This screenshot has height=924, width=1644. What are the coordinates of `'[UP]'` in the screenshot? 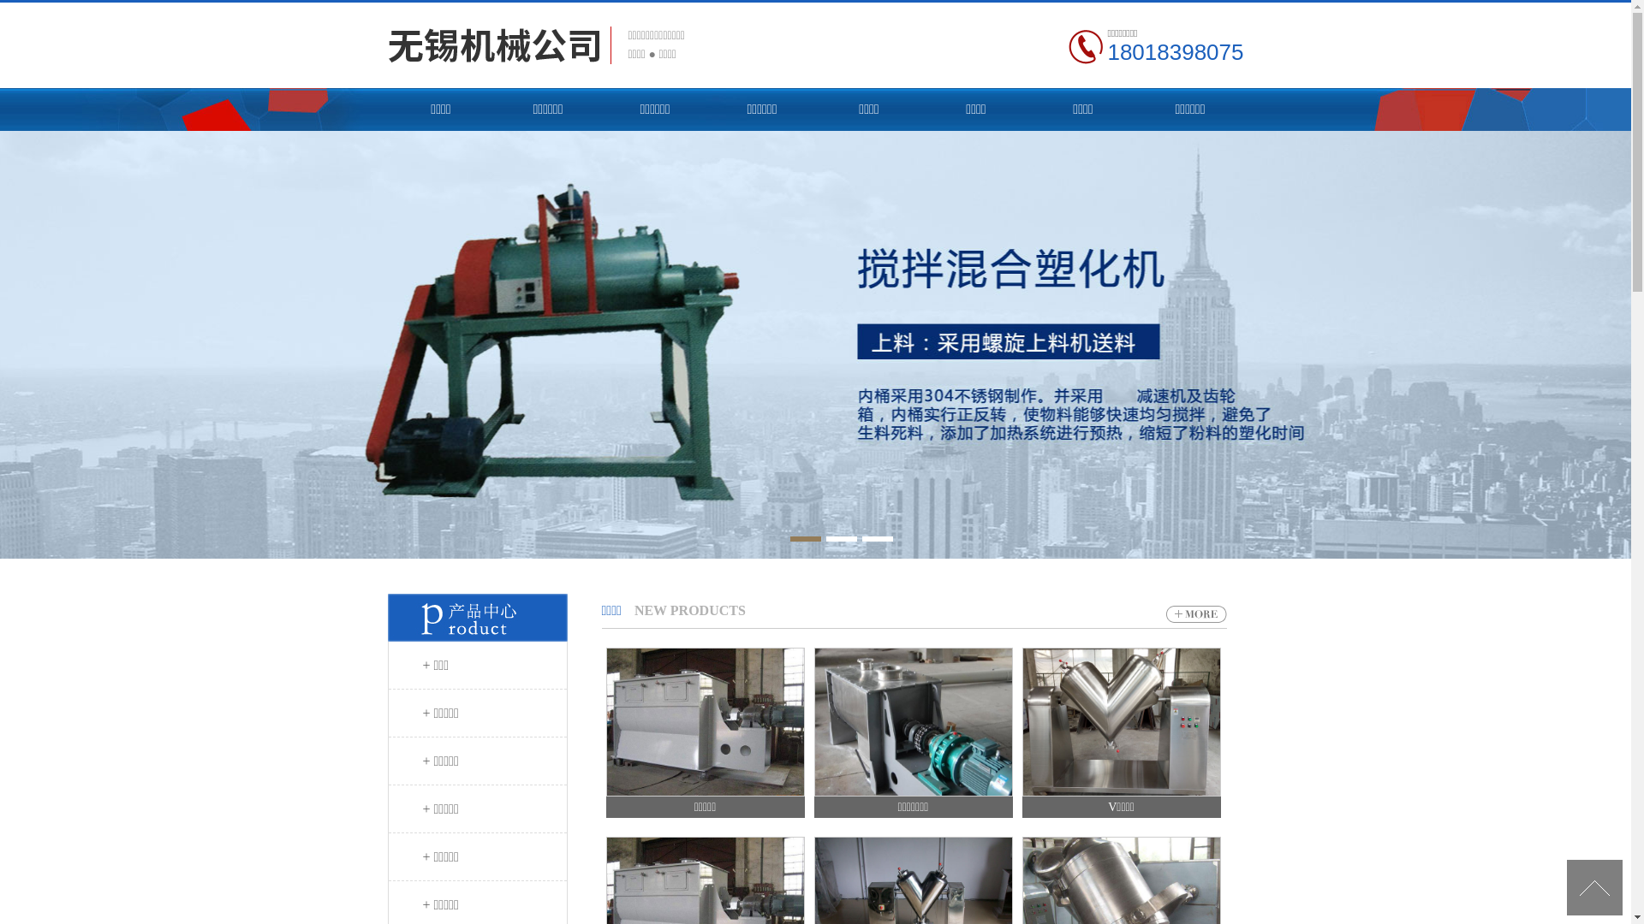 It's located at (1593, 886).